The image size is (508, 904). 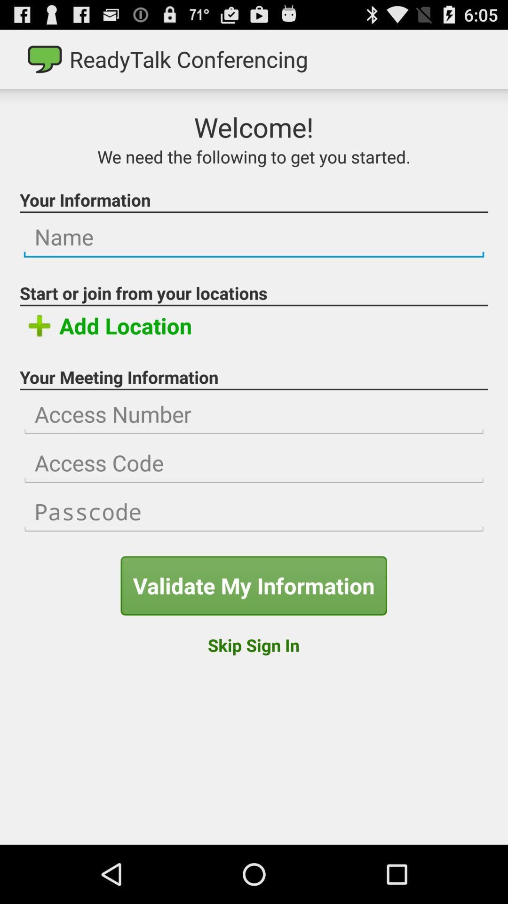 I want to click on the app above the start or join item, so click(x=254, y=237).